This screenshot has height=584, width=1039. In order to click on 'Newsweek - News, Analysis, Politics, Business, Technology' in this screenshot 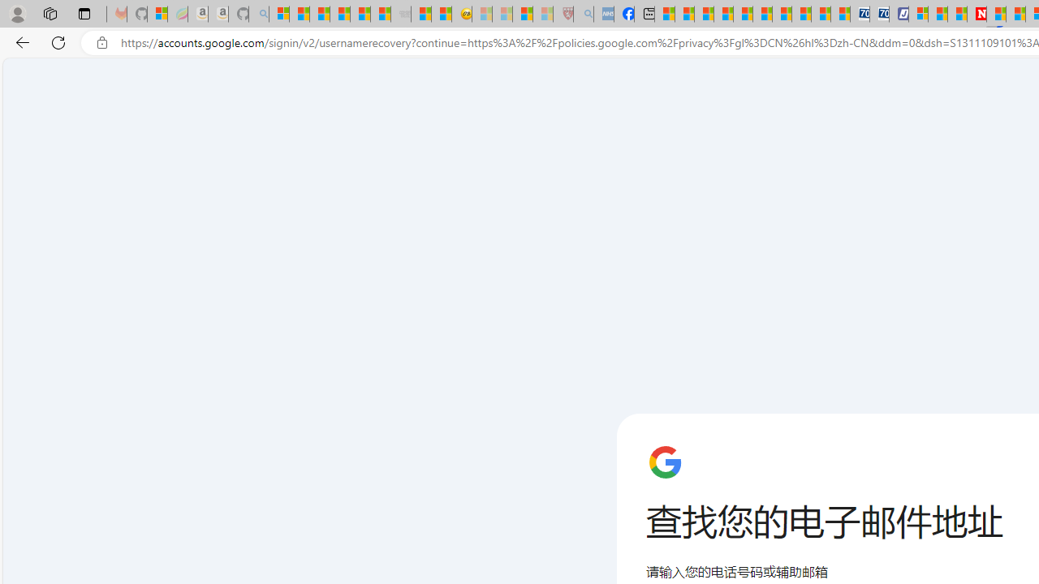, I will do `click(976, 14)`.